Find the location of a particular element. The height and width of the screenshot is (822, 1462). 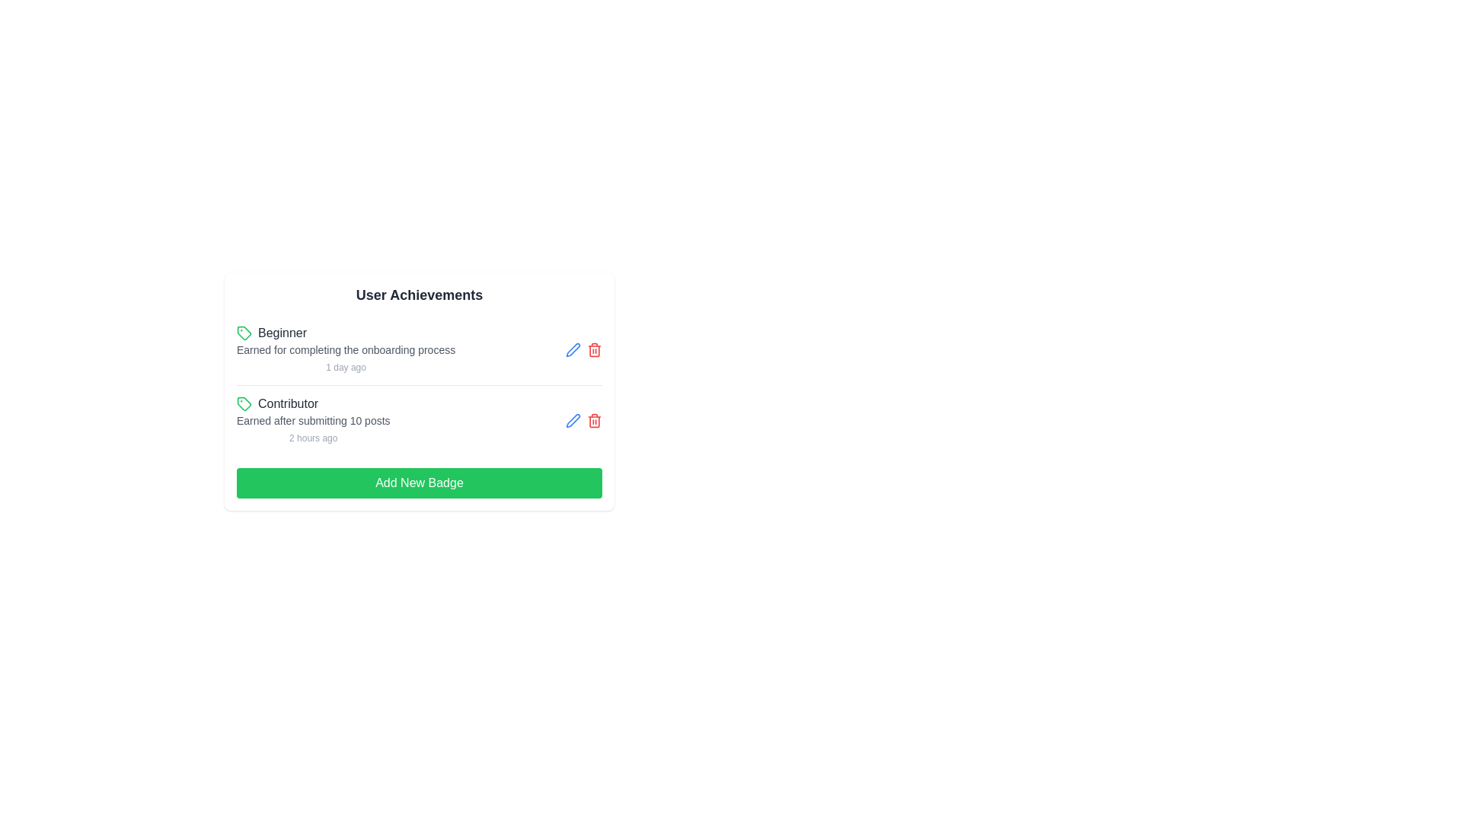

the informational Text Label indicating the date or time of the 'Beginner' achievement, which is positioned at the bottom right corner of the section is located at coordinates (345, 367).